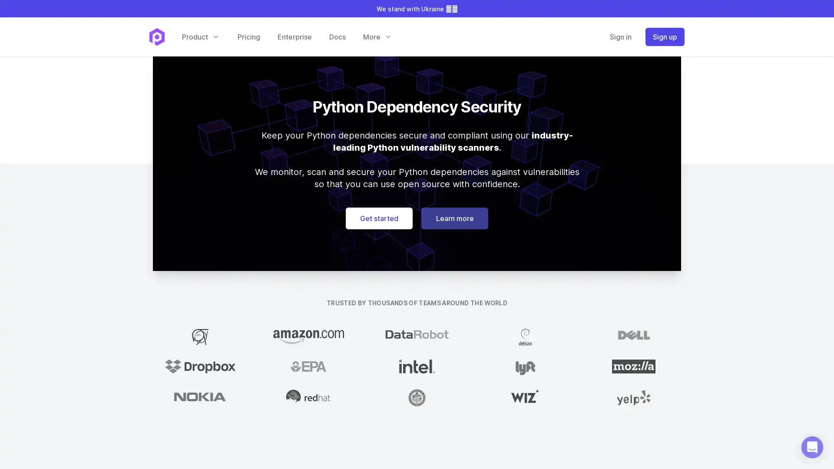 This screenshot has width=834, height=469. What do you see at coordinates (812, 447) in the screenshot?
I see `Open Intercom Messenger` at bounding box center [812, 447].